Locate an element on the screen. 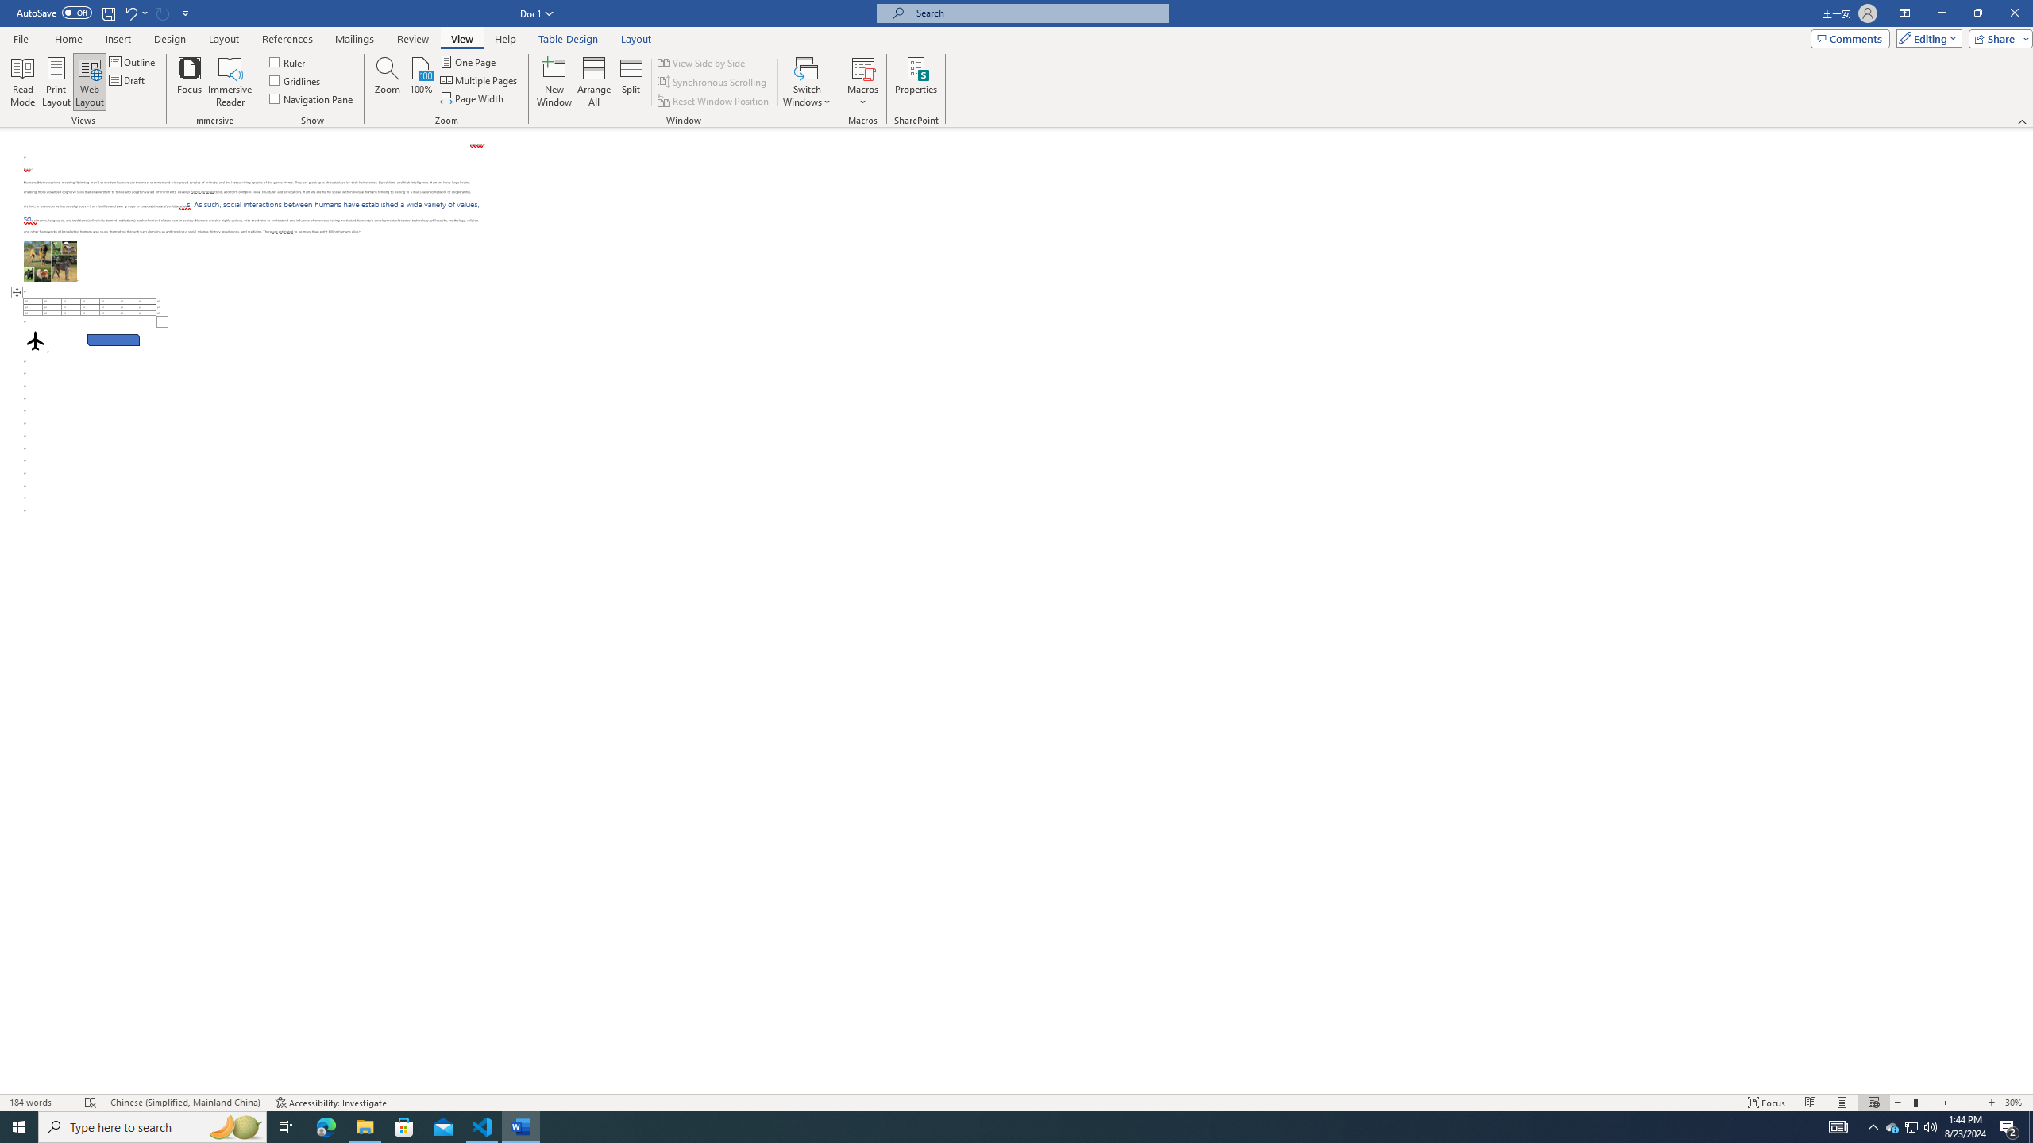 The image size is (2033, 1143). 'One Page' is located at coordinates (469, 61).